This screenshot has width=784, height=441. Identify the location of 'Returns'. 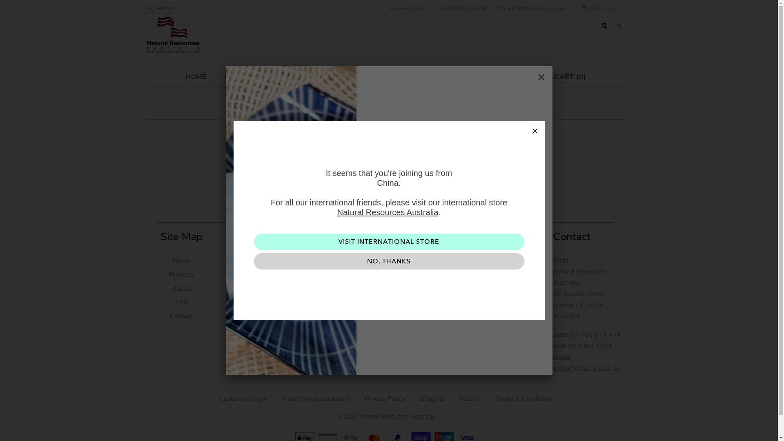
(470, 398).